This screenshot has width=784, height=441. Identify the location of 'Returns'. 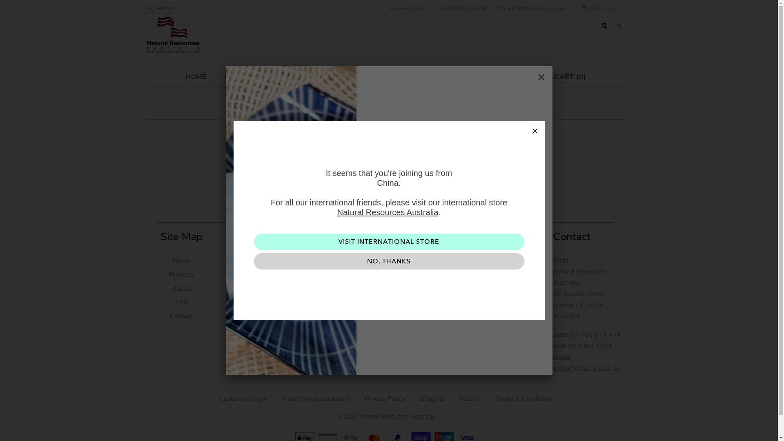
(470, 398).